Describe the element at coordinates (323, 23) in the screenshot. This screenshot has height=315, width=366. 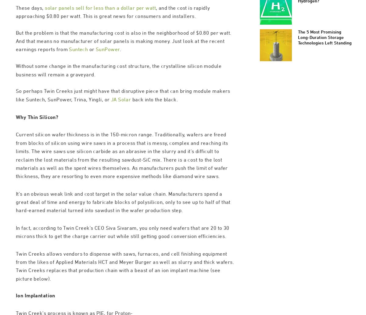
I see `'So, What Exactly Is Green Hydrogen?'` at that location.